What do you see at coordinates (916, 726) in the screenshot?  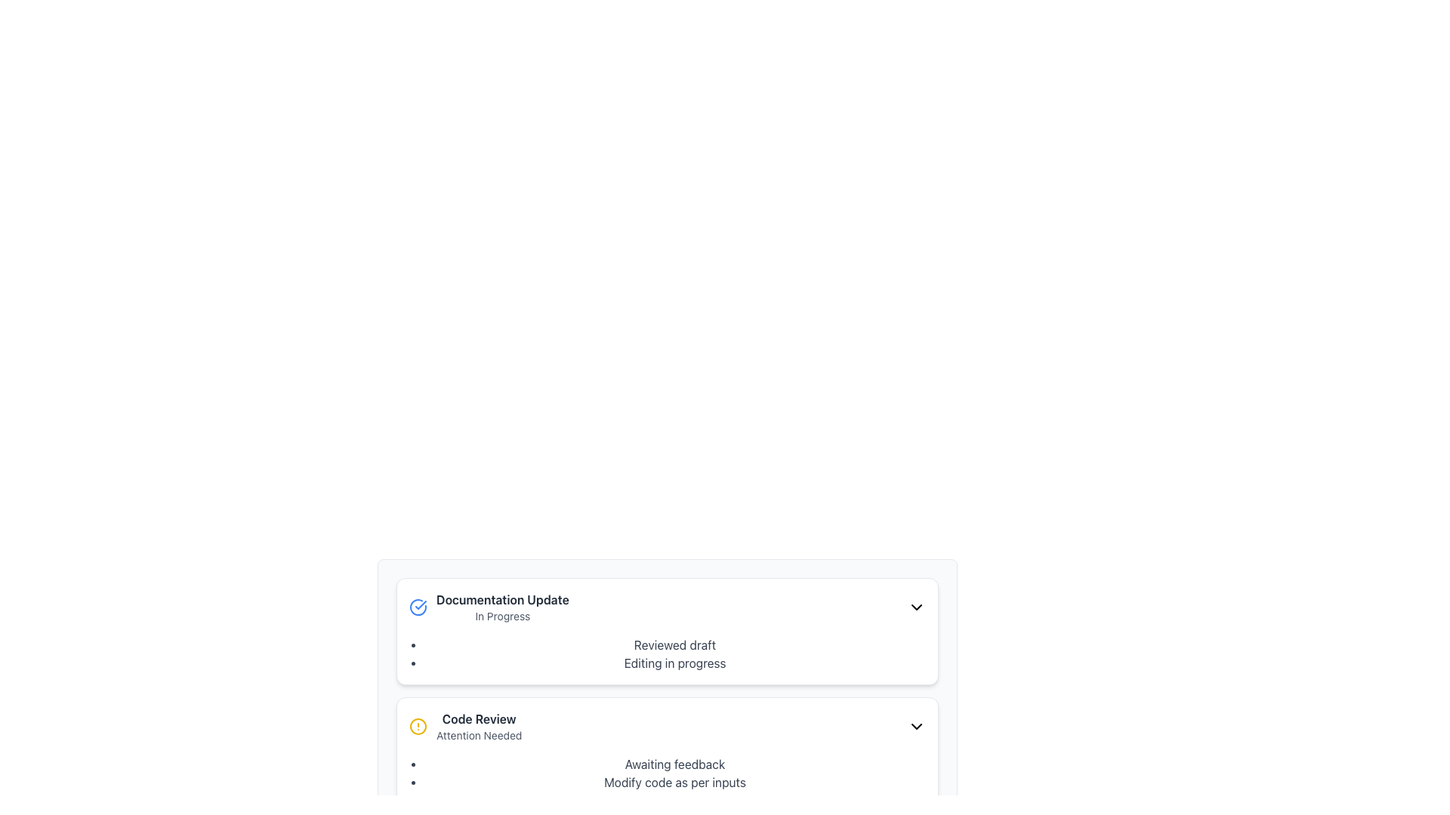 I see `the Dropdown indicator icon located at the far right of the 'Code Review' section` at bounding box center [916, 726].